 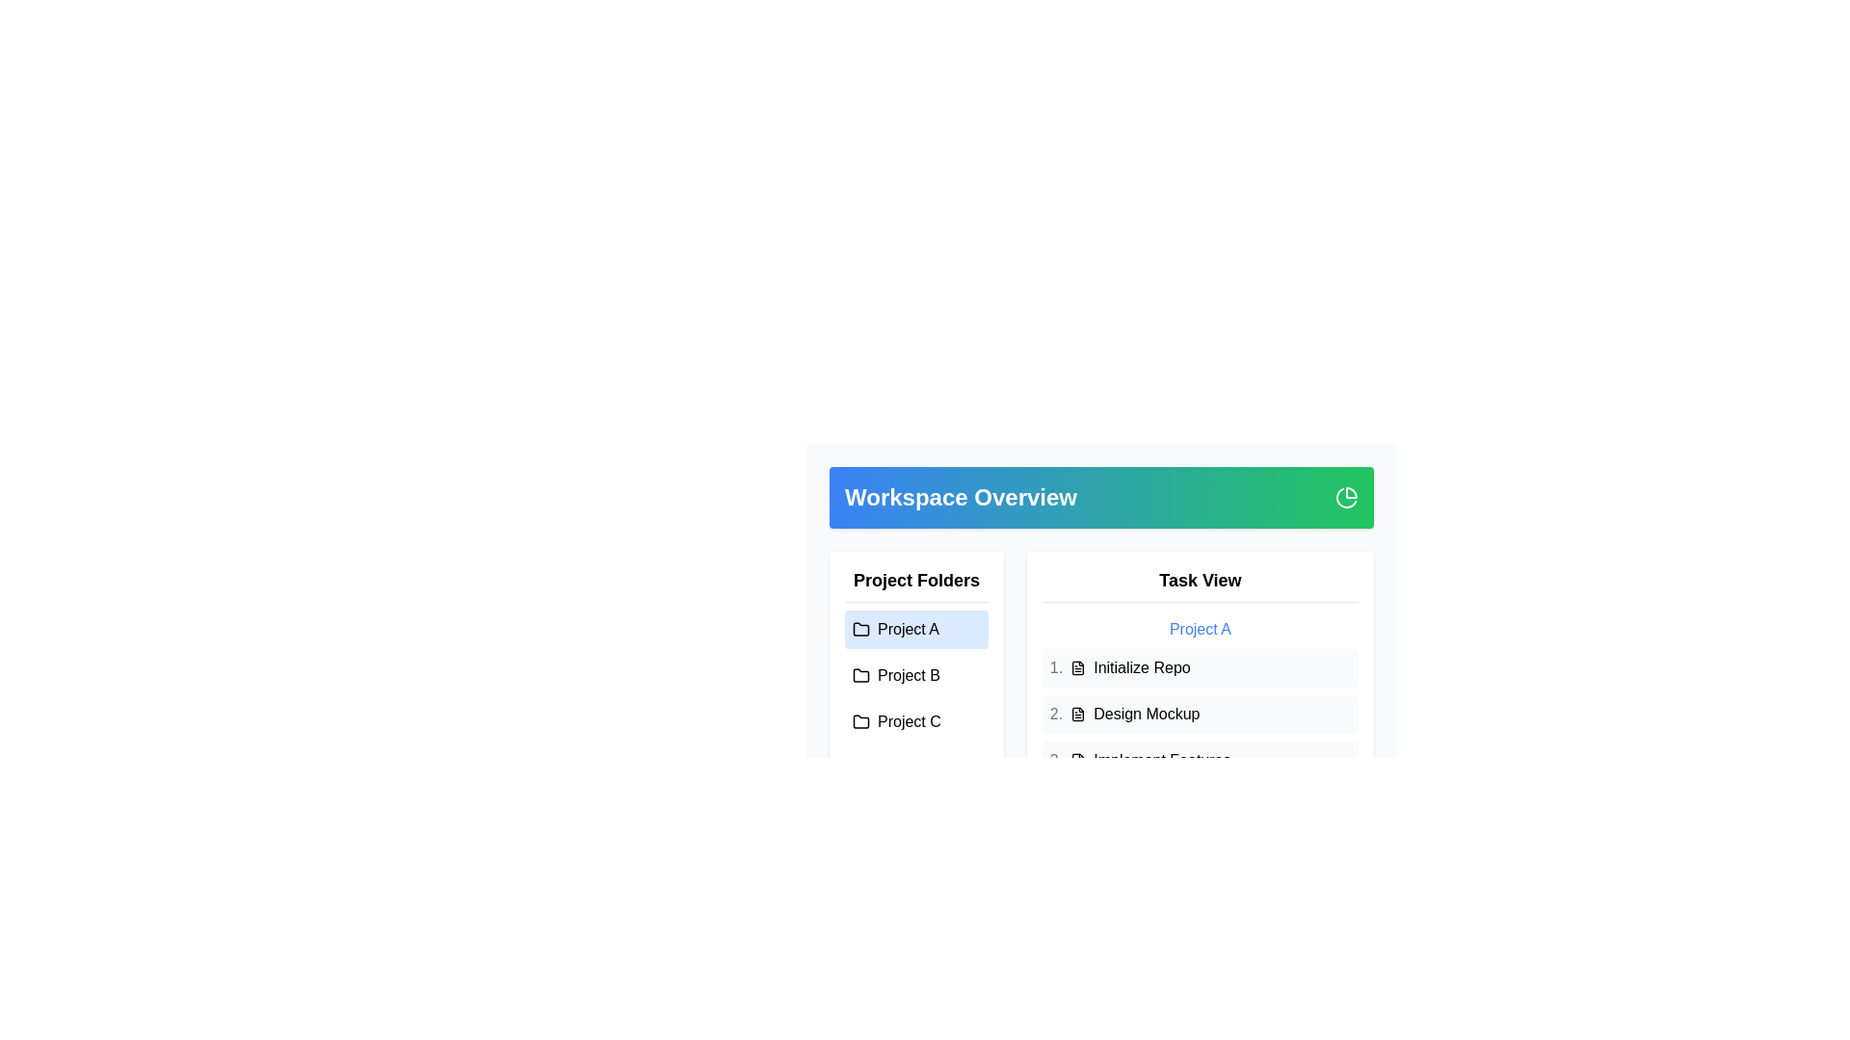 What do you see at coordinates (859, 720) in the screenshot?
I see `the folder icon in the 'Project Folders' section` at bounding box center [859, 720].